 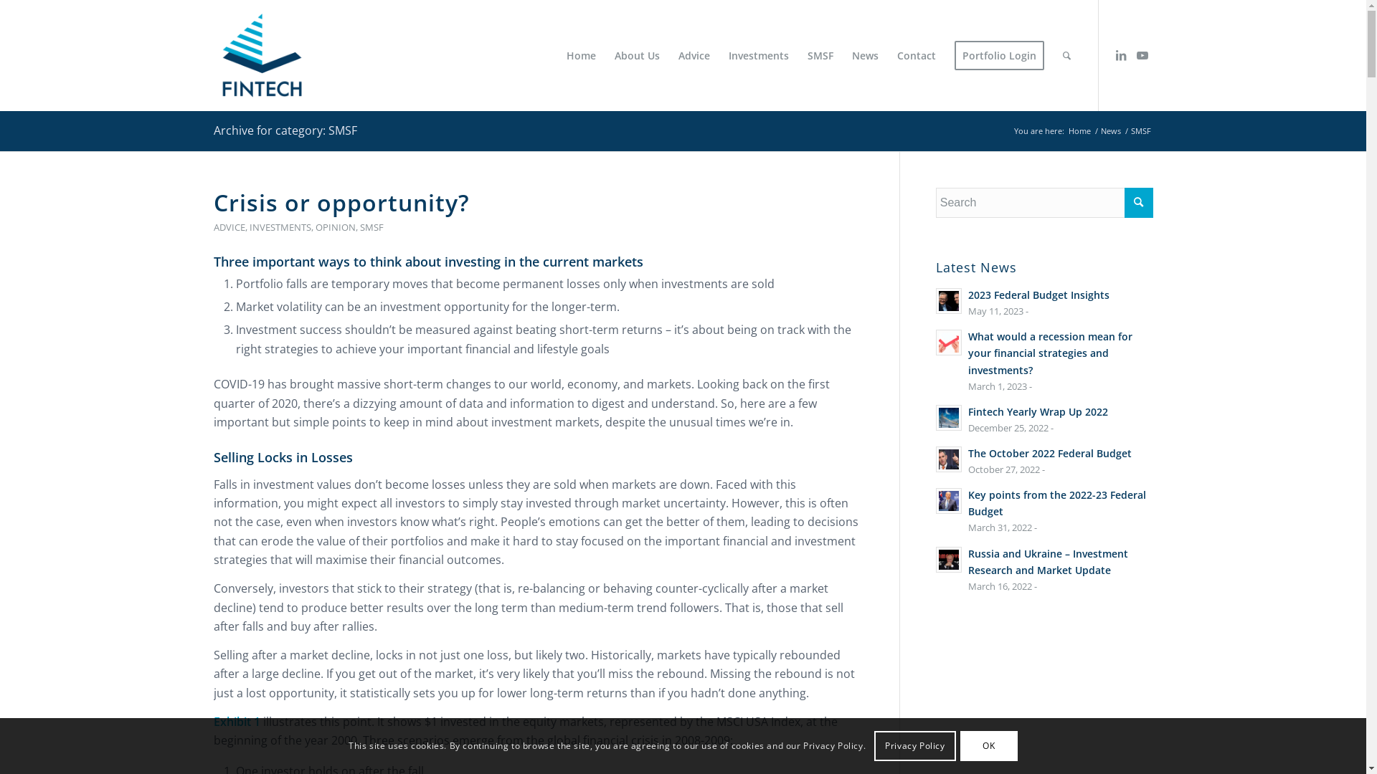 I want to click on 'OK', so click(x=988, y=745).